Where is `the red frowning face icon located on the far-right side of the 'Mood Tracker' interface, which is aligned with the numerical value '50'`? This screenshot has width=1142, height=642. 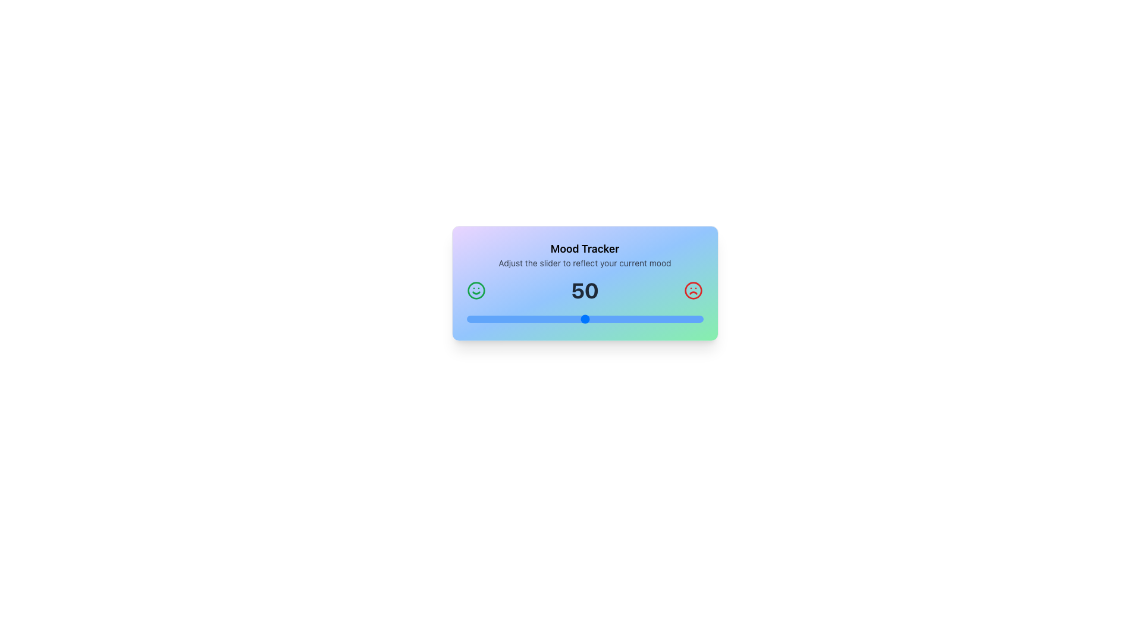 the red frowning face icon located on the far-right side of the 'Mood Tracker' interface, which is aligned with the numerical value '50' is located at coordinates (694, 291).